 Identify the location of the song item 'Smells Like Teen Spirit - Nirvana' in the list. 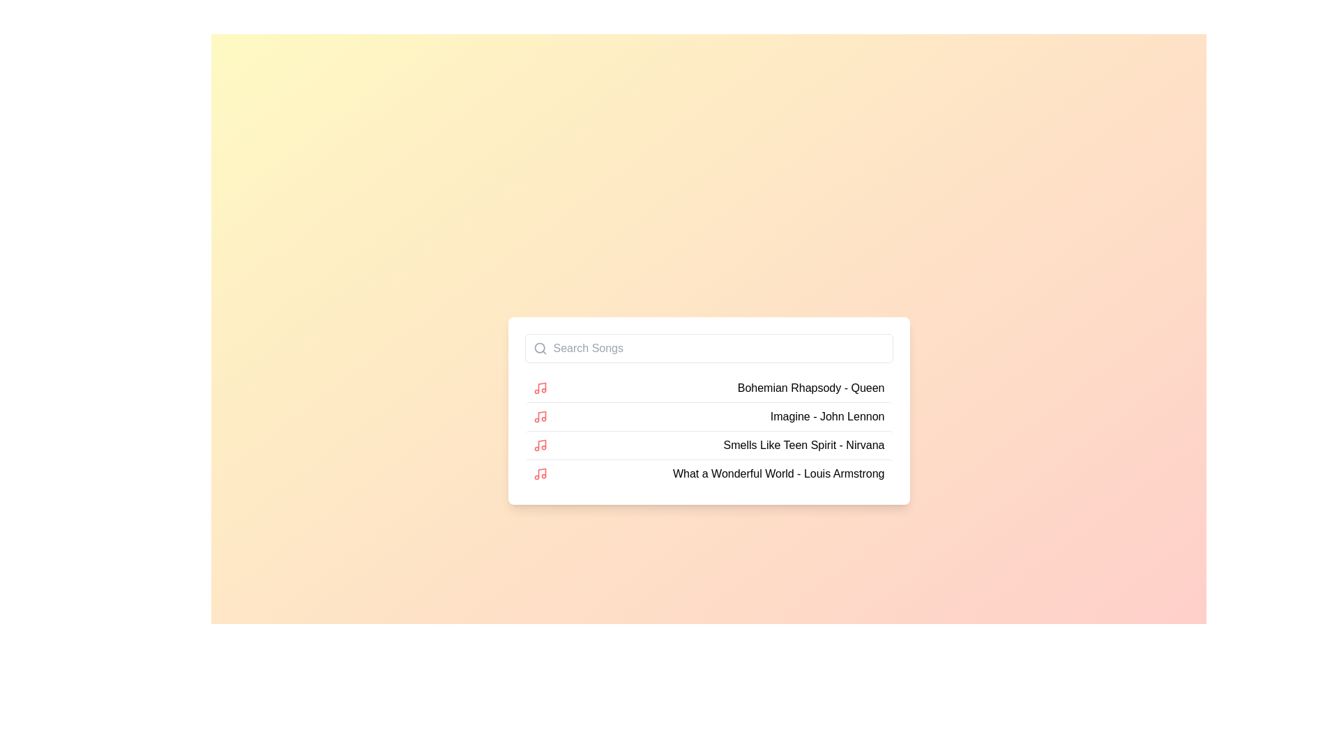
(709, 444).